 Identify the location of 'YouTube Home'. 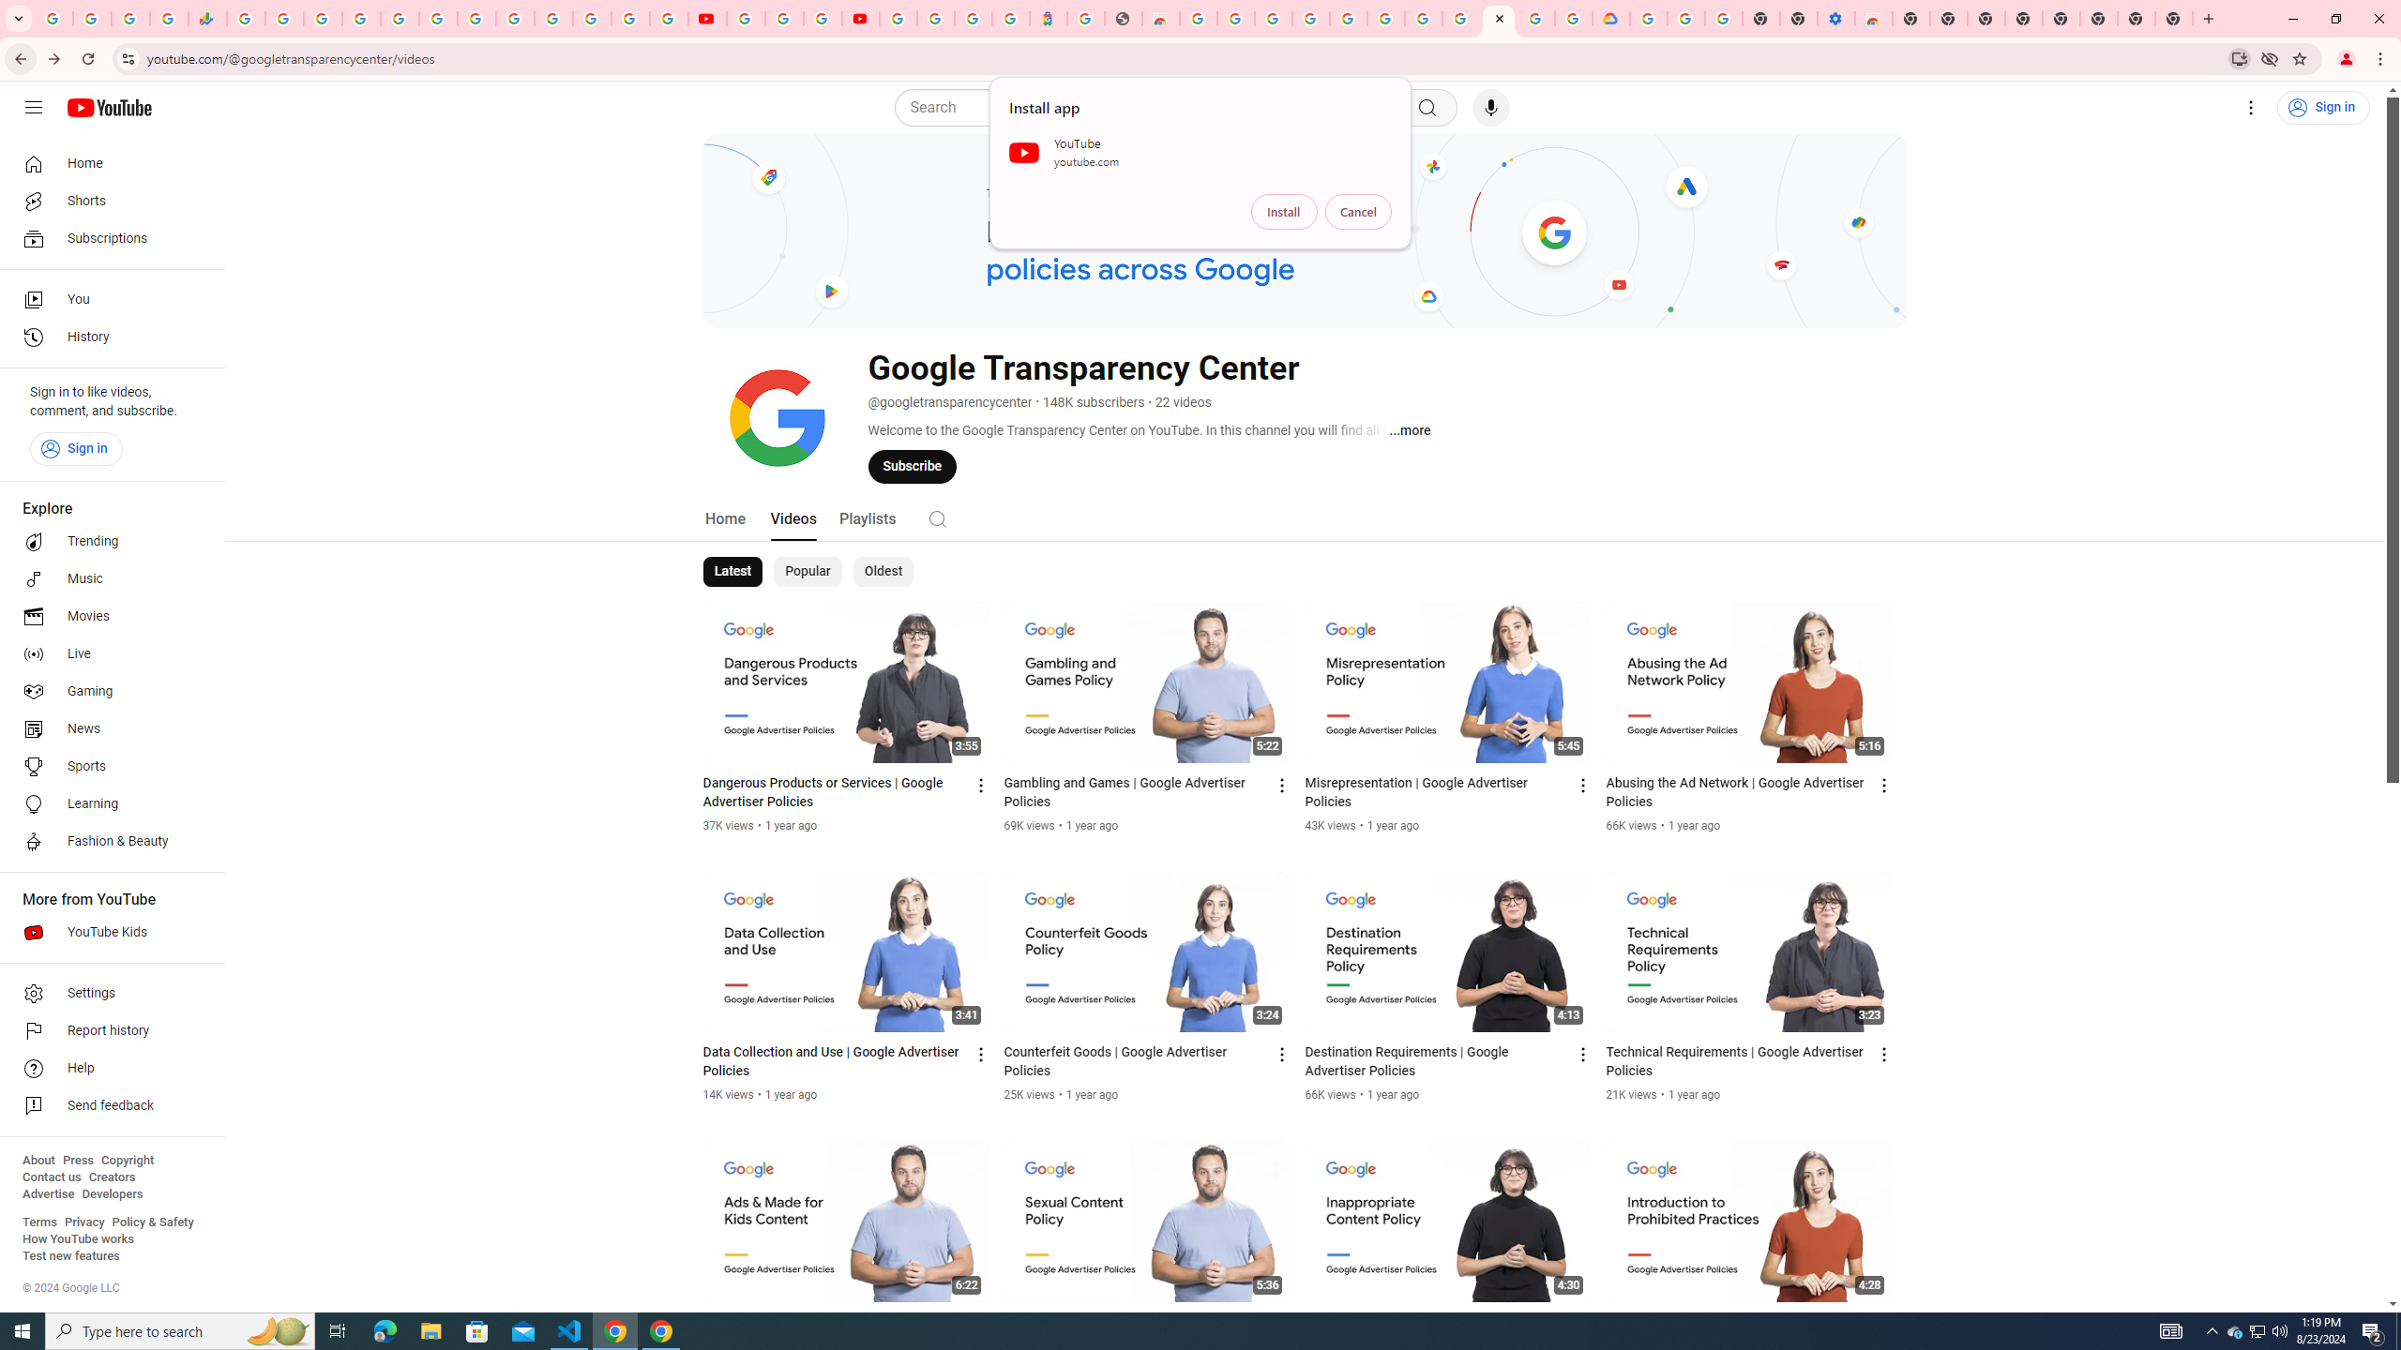
(108, 107).